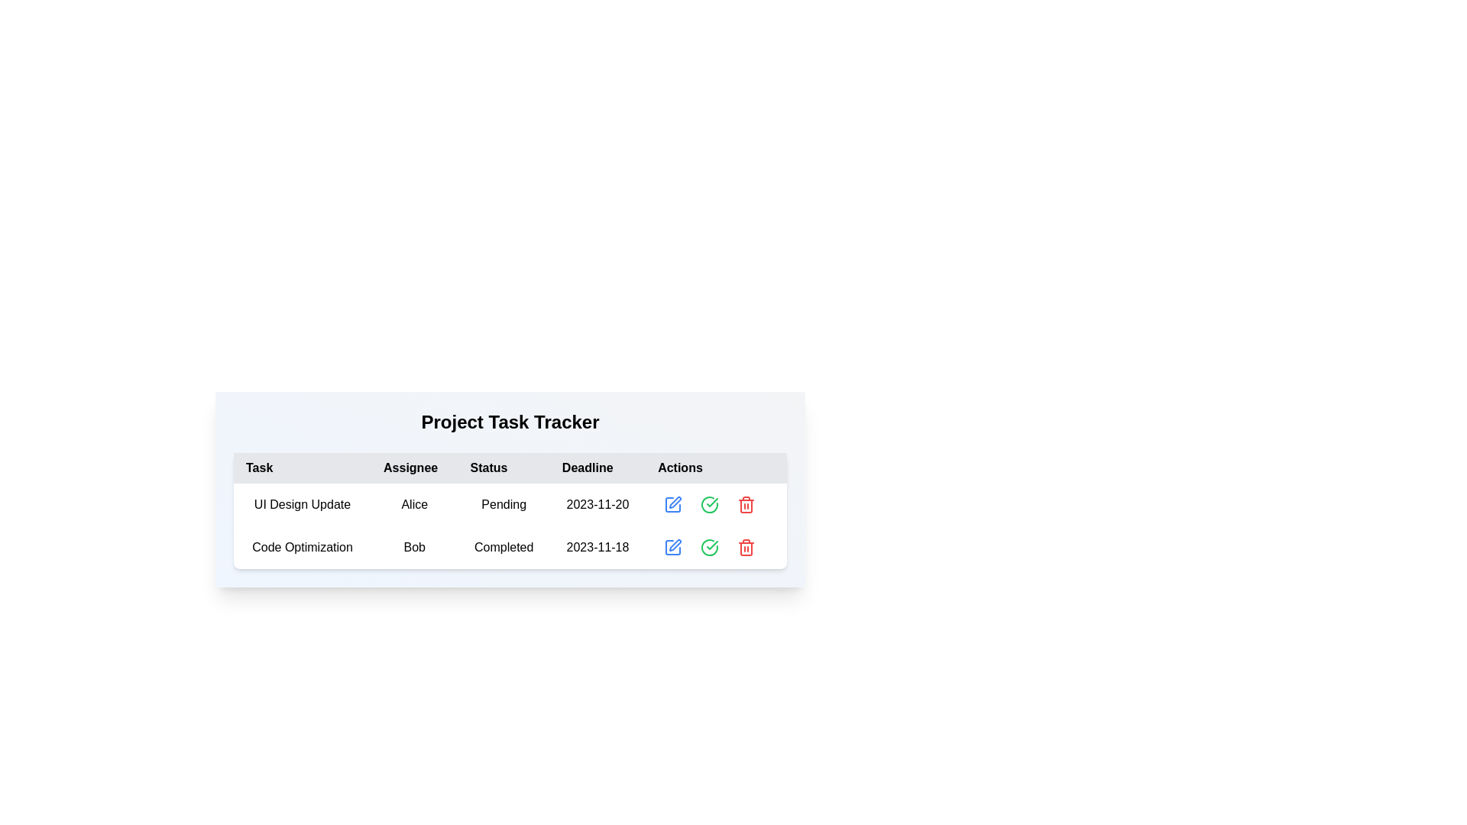 The width and height of the screenshot is (1467, 825). What do you see at coordinates (414, 547) in the screenshot?
I see `the text label displaying 'Bob' under the 'Assignee' column in the 'Code Optimization' task row` at bounding box center [414, 547].